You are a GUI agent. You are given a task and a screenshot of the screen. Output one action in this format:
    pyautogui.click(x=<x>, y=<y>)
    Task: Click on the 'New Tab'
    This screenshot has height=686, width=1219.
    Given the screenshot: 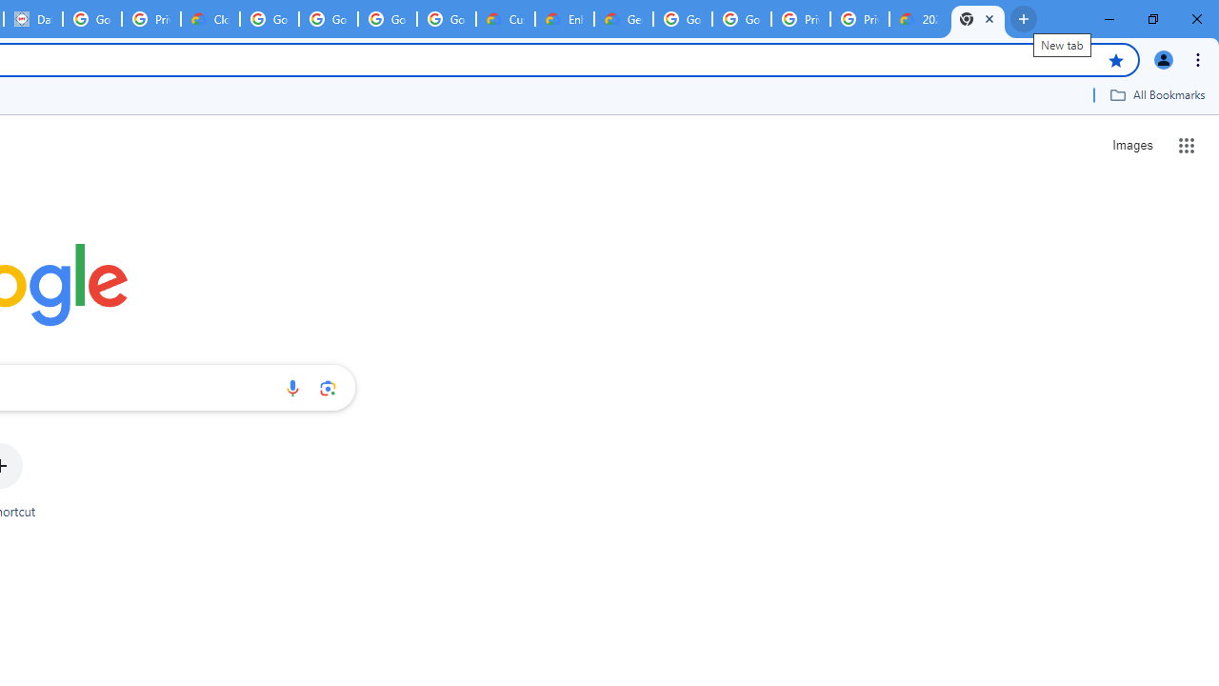 What is the action you would take?
    pyautogui.click(x=978, y=19)
    